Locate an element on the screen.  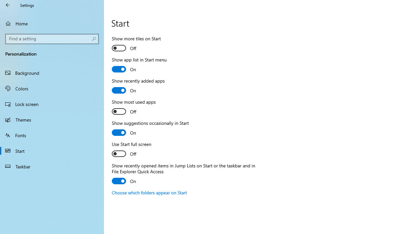
'Search box, Find a setting' is located at coordinates (52, 39).